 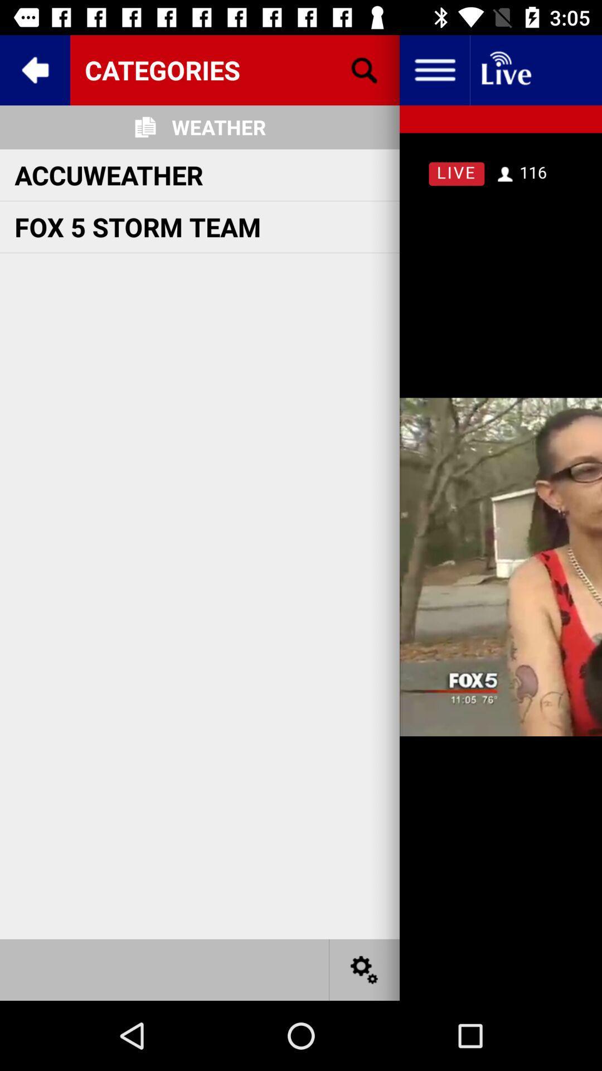 I want to click on the arrow_backward icon, so click(x=34, y=69).